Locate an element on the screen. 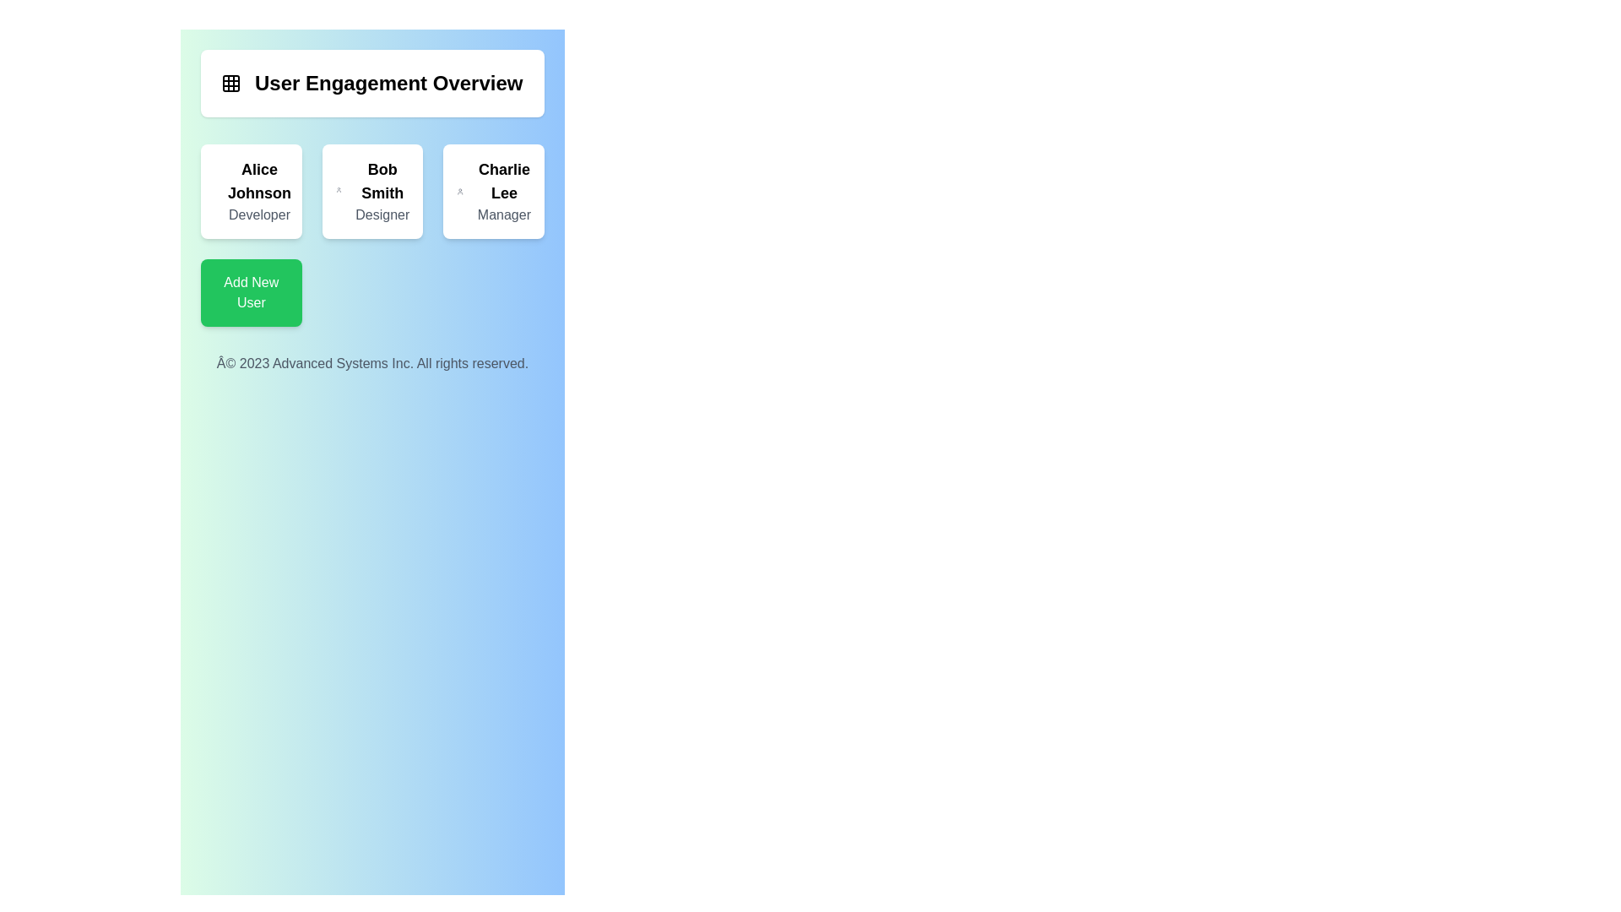 This screenshot has width=1621, height=912. text from the text block displaying 'Bob Smith' and 'Designer', which is the second card in a row of three cards under the header 'User Engagement Overview' is located at coordinates (382, 191).